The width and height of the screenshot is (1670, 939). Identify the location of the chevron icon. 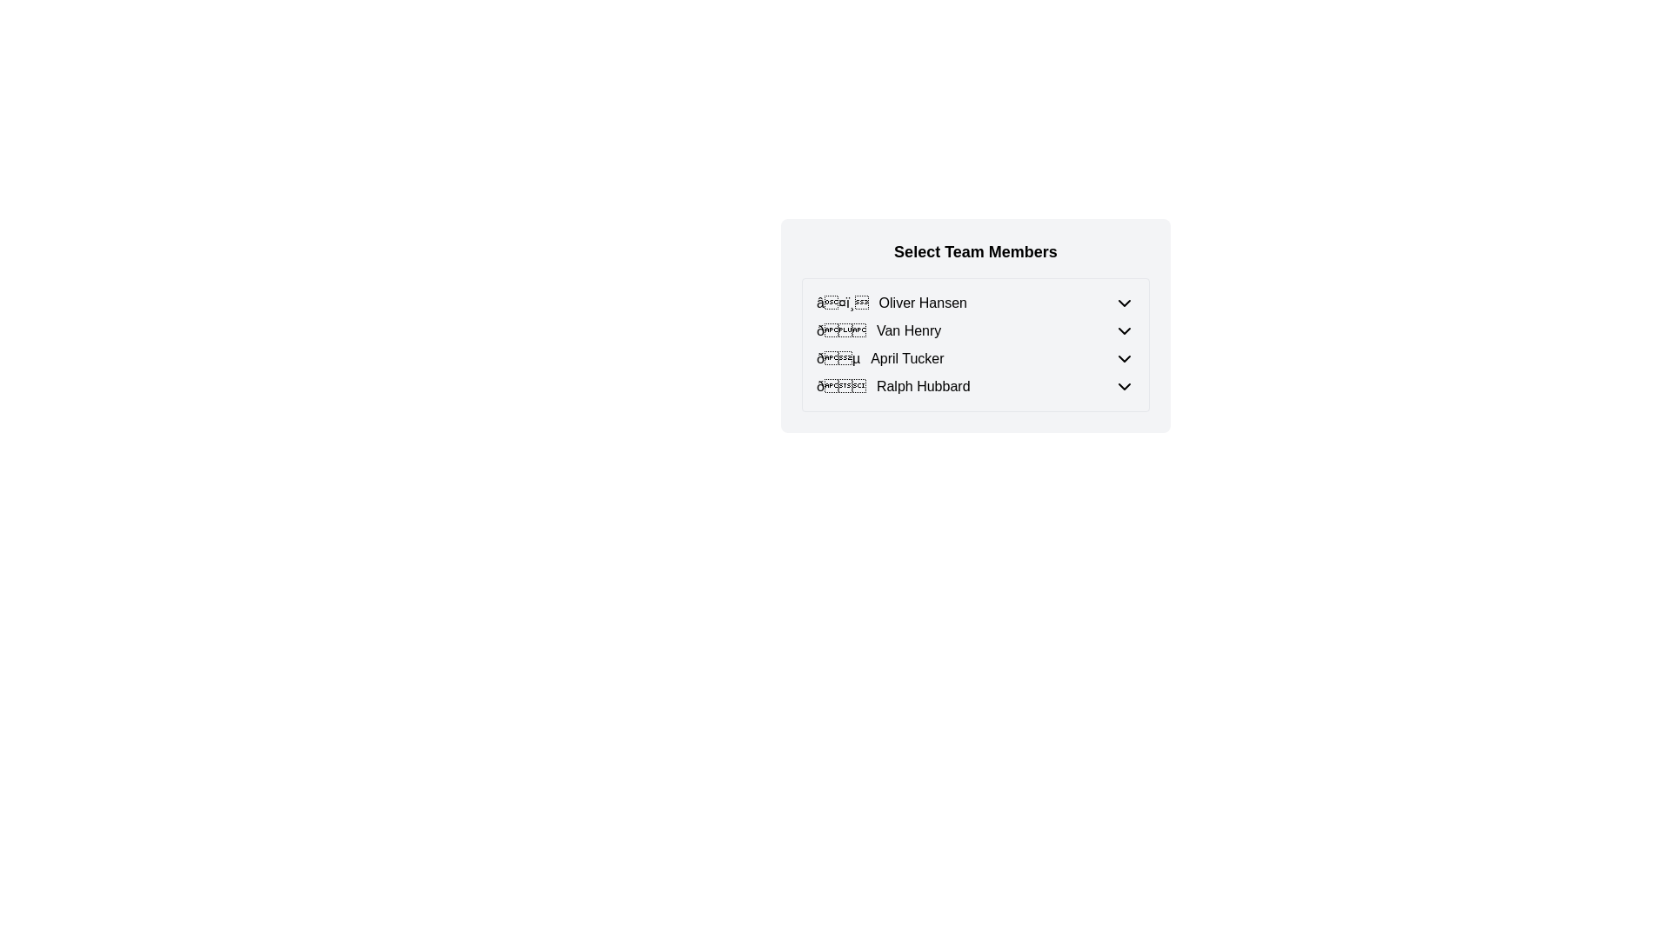
(1124, 357).